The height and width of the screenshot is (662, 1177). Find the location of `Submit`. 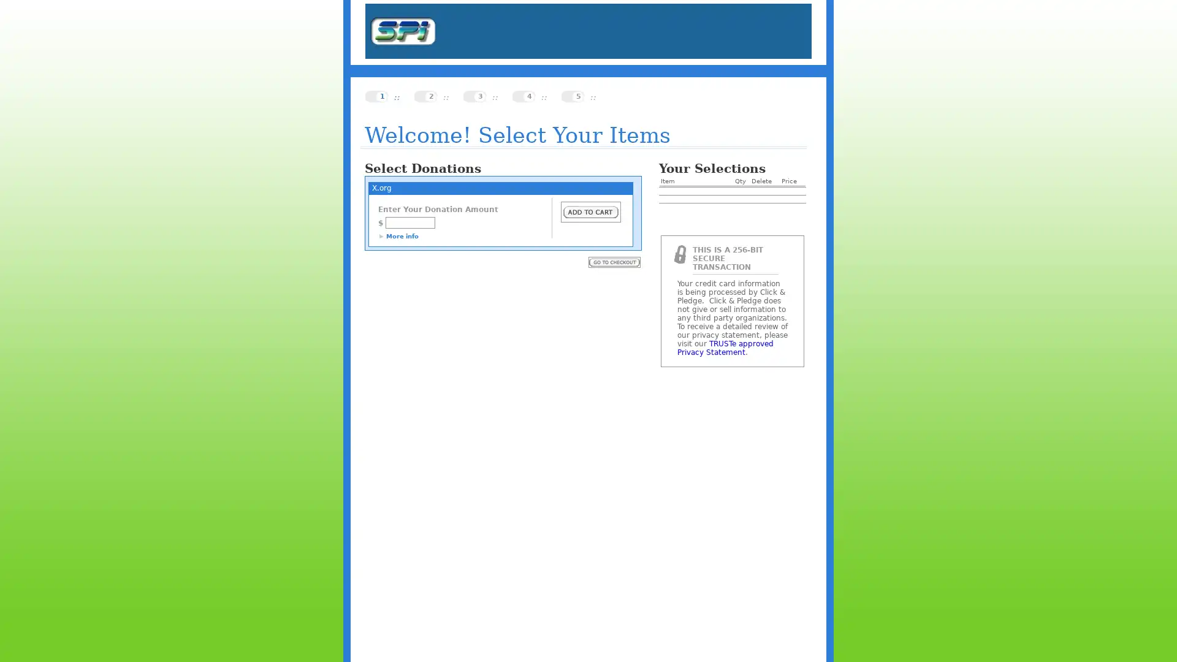

Submit is located at coordinates (591, 211).